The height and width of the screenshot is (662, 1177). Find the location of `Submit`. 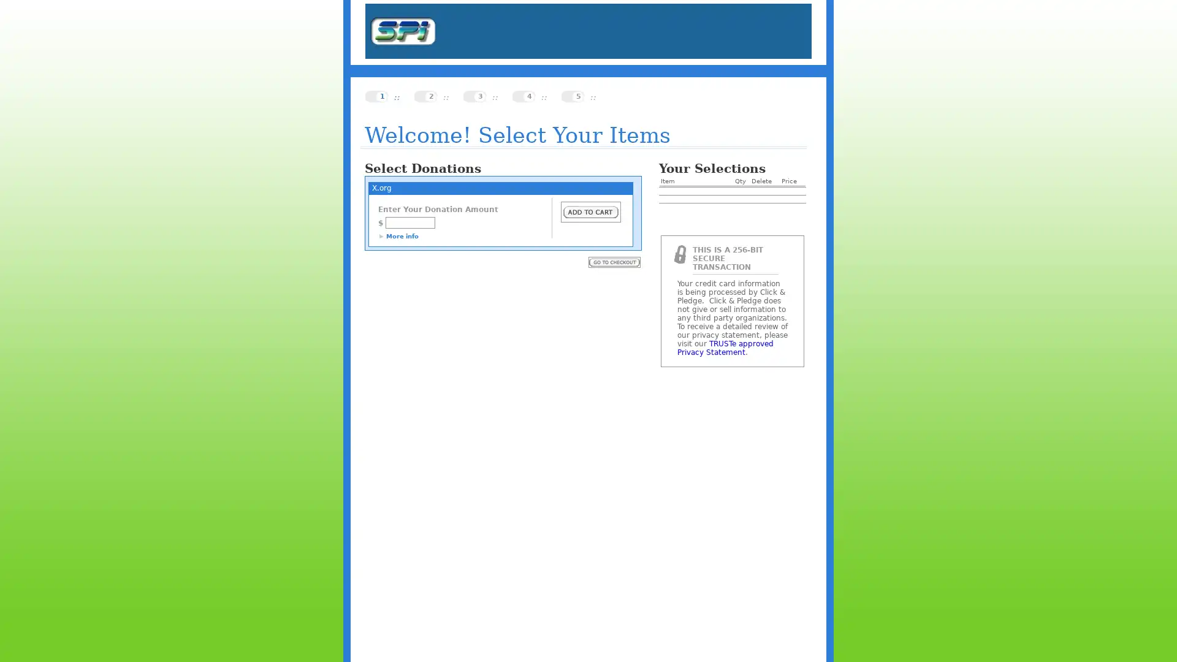

Submit is located at coordinates (591, 211).